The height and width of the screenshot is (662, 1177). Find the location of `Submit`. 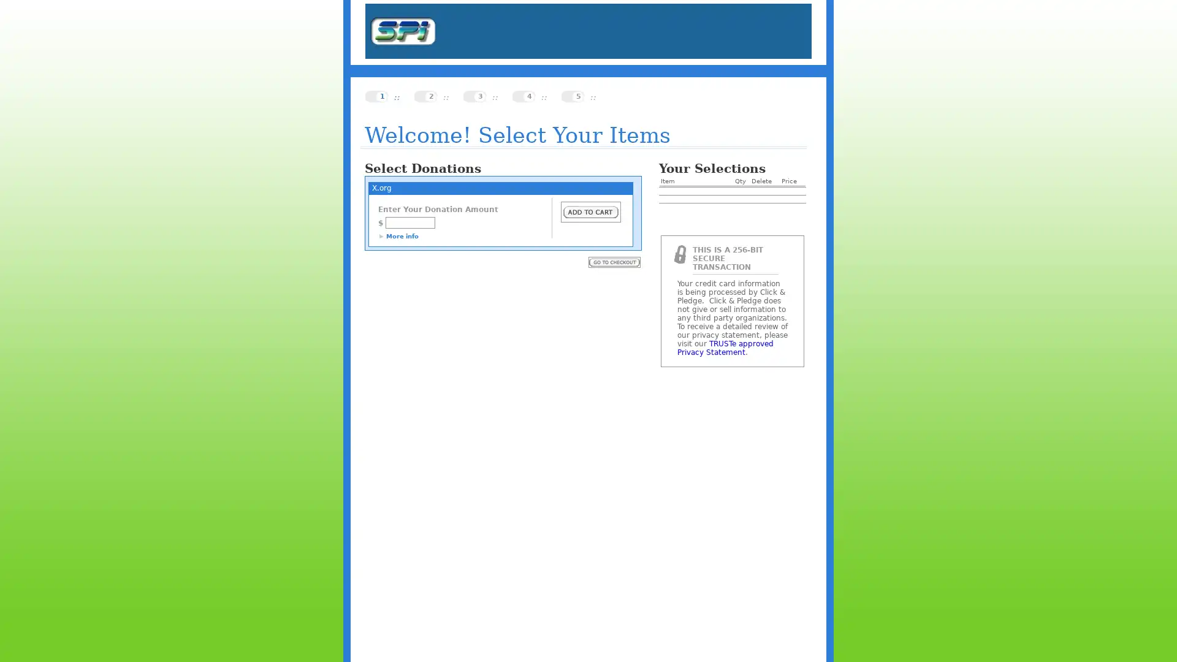

Submit is located at coordinates (591, 211).